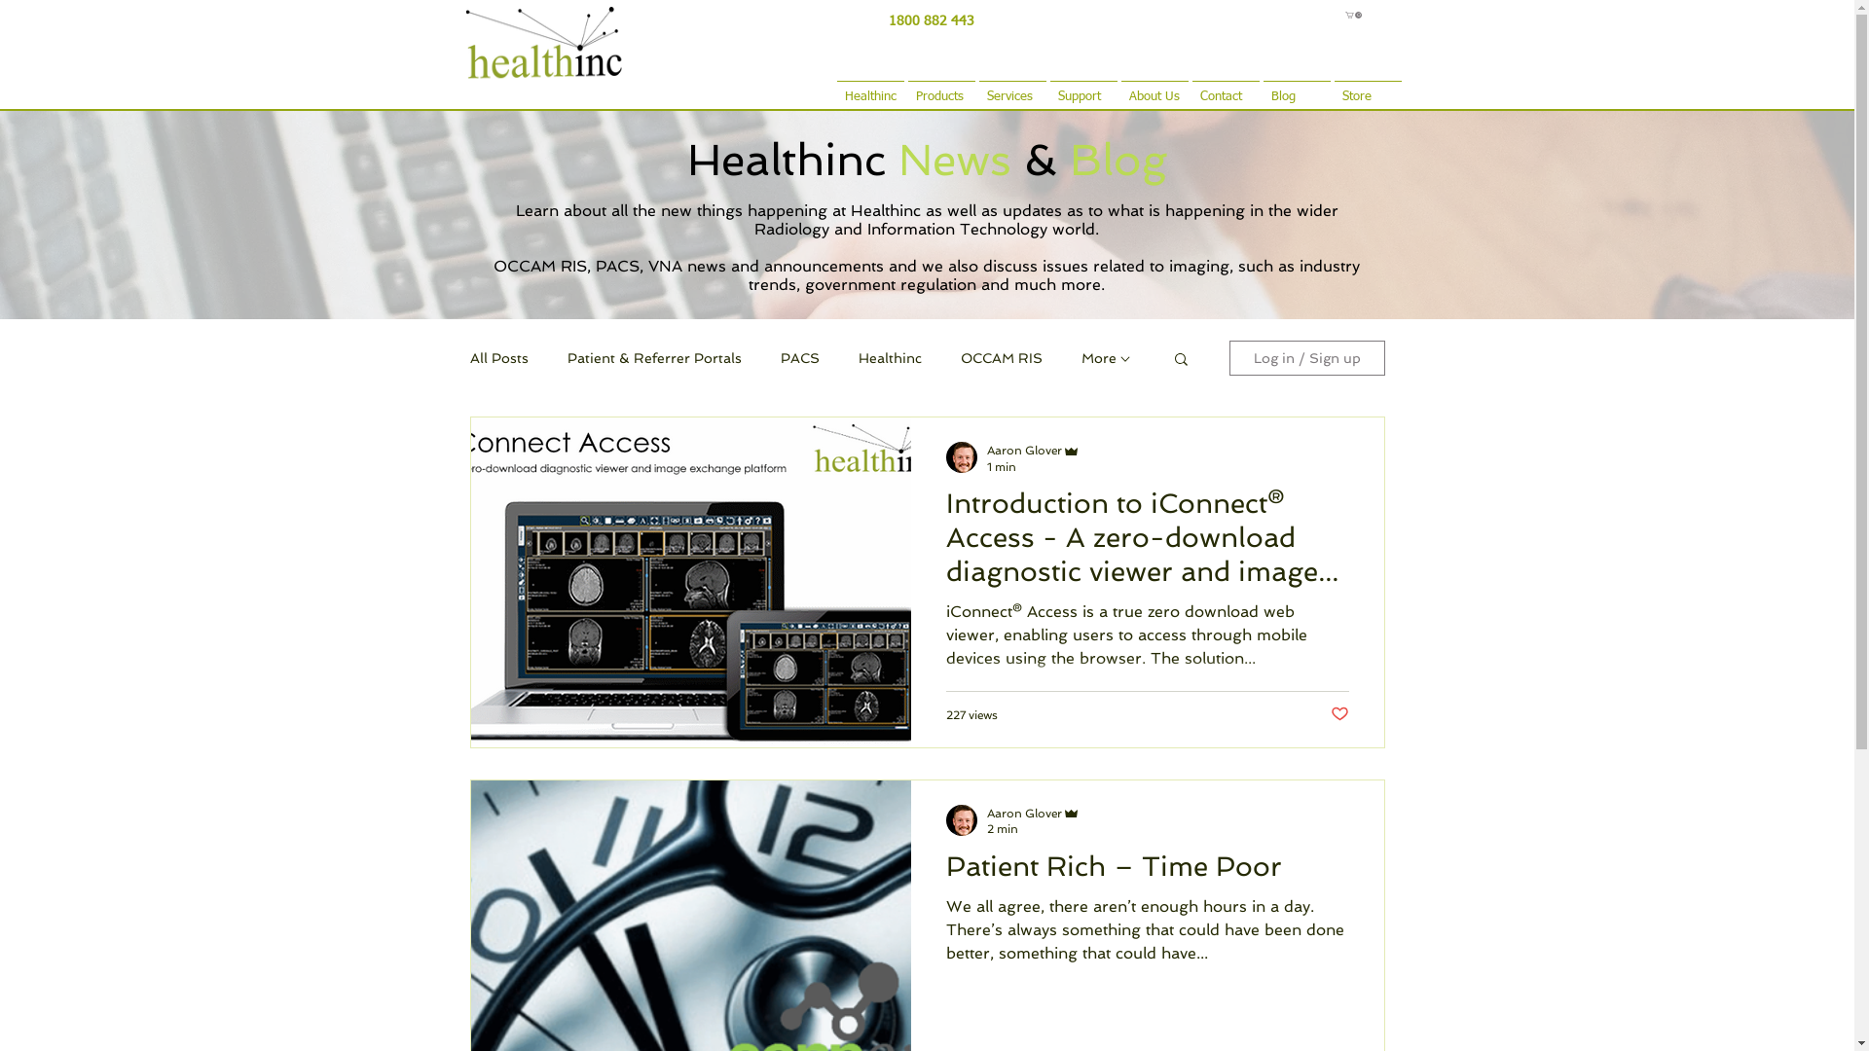 This screenshot has width=1869, height=1051. What do you see at coordinates (1154, 88) in the screenshot?
I see `'About Us'` at bounding box center [1154, 88].